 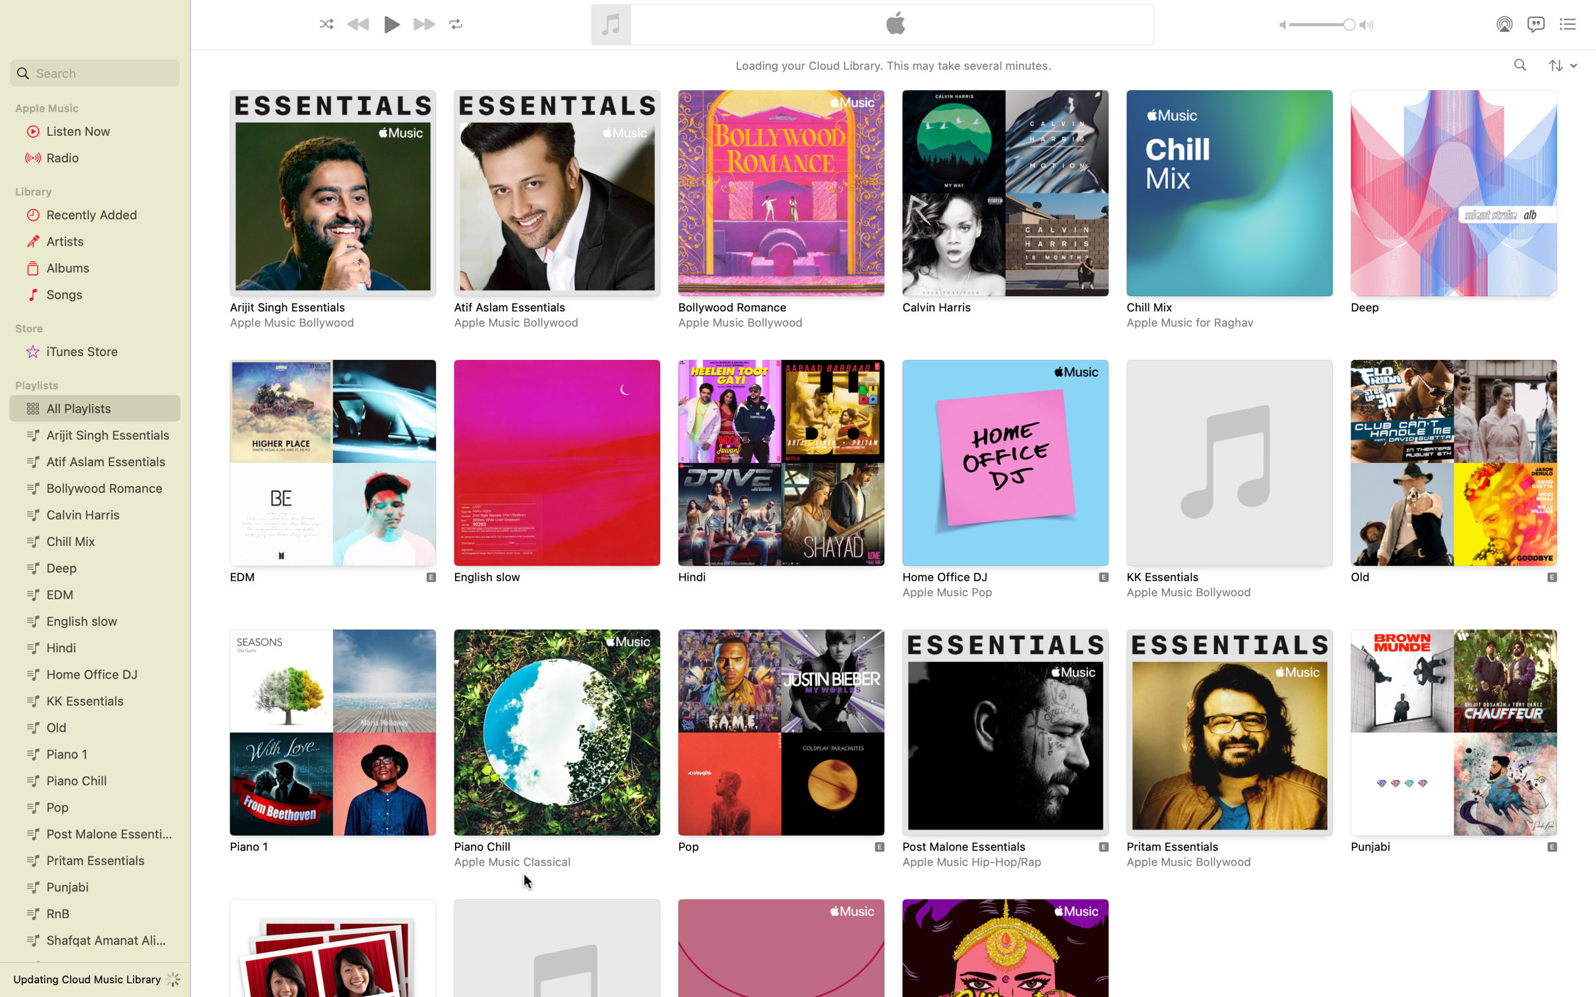 What do you see at coordinates (559, 752) in the screenshot?
I see `the playlist titled Piano Chill` at bounding box center [559, 752].